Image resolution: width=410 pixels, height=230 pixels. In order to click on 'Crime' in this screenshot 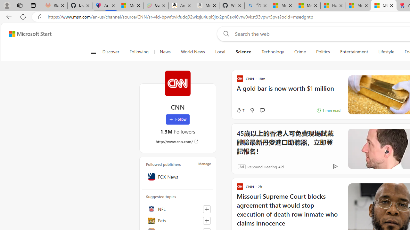, I will do `click(299, 52)`.